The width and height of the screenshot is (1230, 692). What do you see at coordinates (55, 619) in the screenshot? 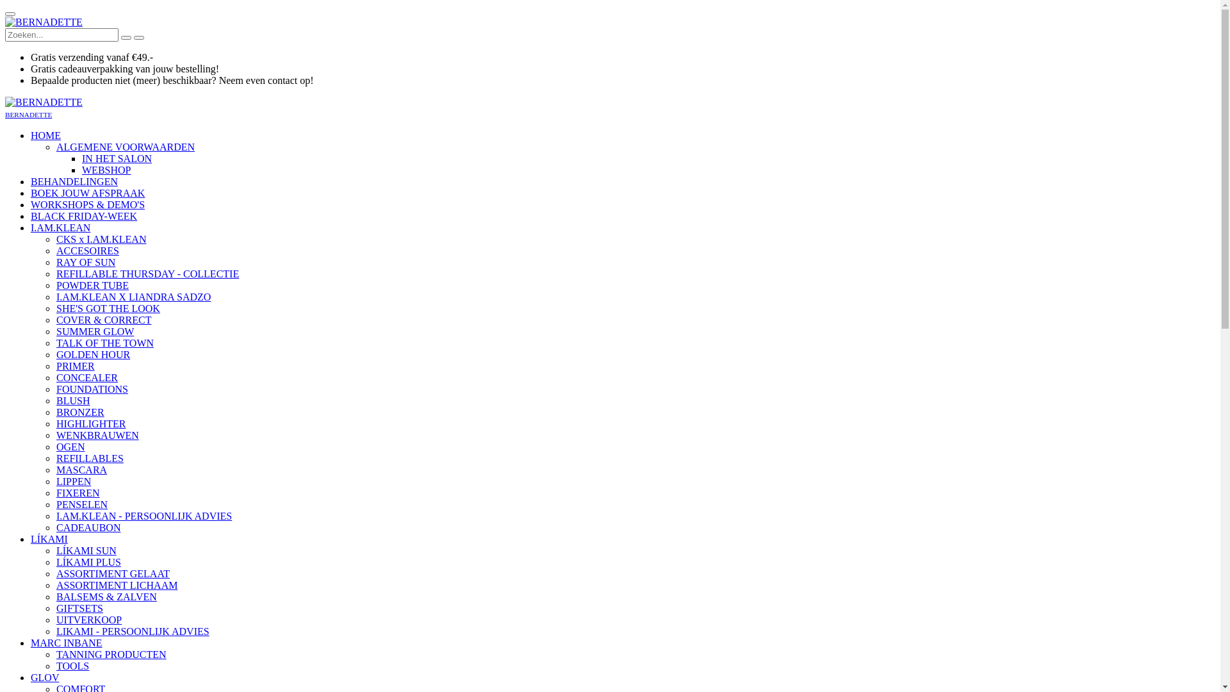
I see `'UITVERKOOP'` at bounding box center [55, 619].